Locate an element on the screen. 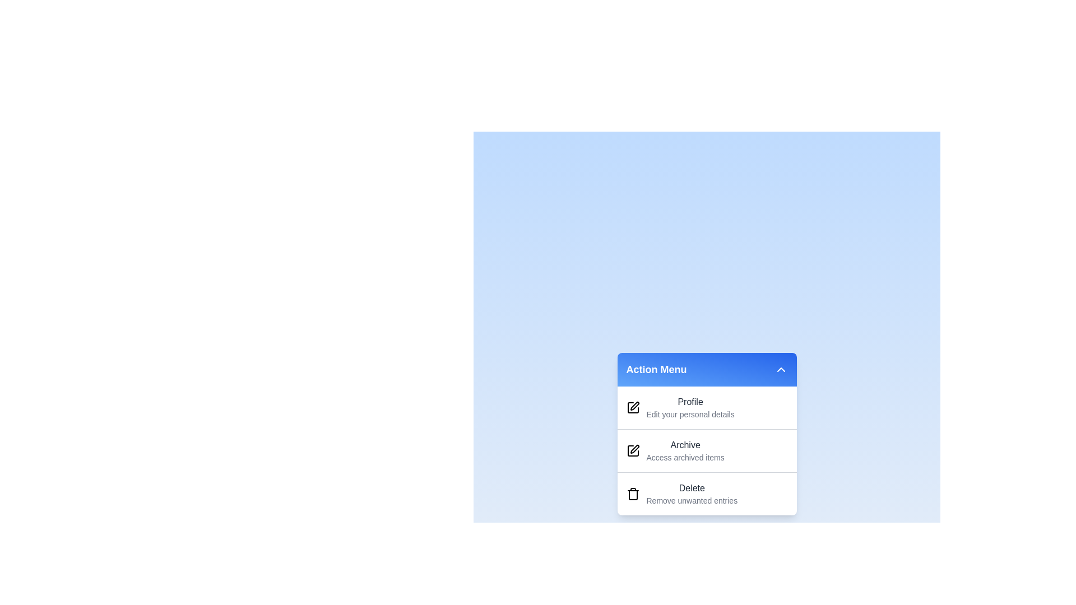  the menu item corresponding to Profile is located at coordinates (672, 391).